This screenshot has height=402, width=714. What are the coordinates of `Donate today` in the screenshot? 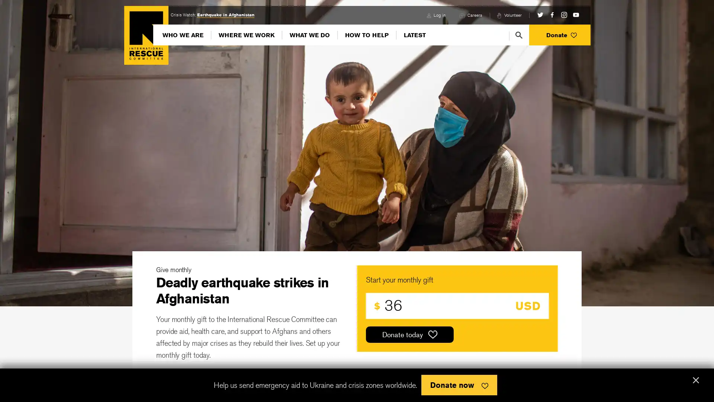 It's located at (409, 334).